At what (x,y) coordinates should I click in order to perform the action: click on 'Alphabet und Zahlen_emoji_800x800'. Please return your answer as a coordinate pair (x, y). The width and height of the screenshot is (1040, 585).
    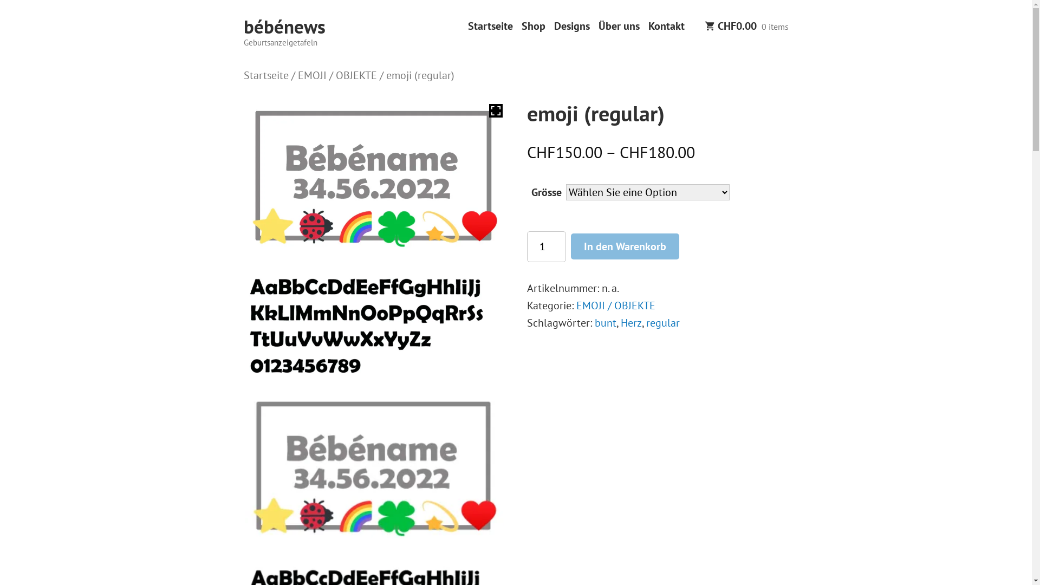
    Looking at the image, I should click on (374, 320).